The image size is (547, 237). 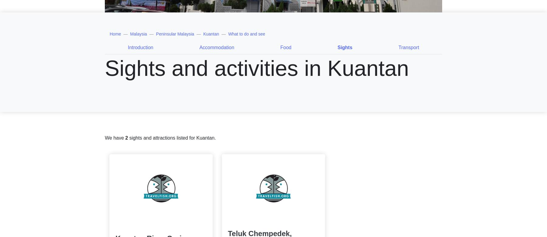 What do you see at coordinates (344, 47) in the screenshot?
I see `'Sights'` at bounding box center [344, 47].